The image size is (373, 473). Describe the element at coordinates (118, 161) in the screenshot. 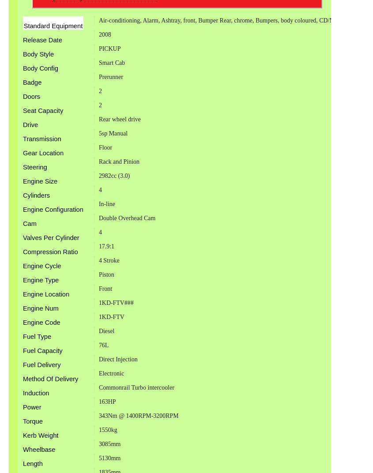

I see `'Rack and Pinion'` at that location.